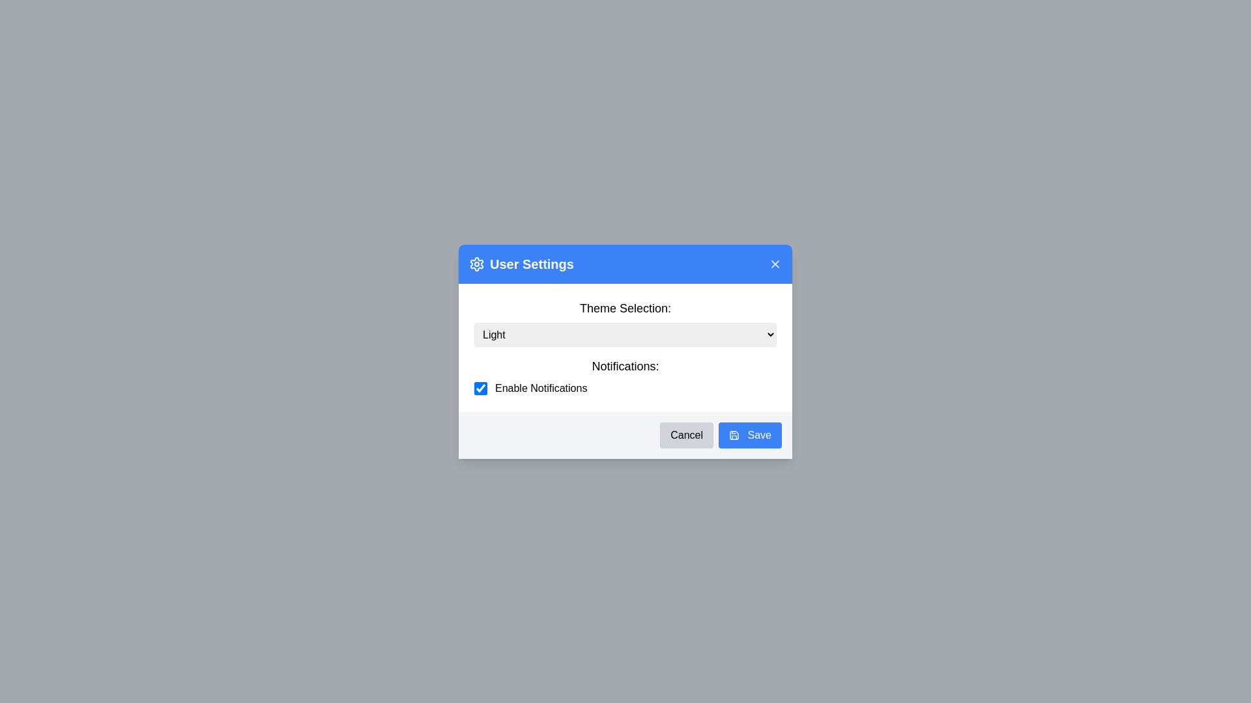 The image size is (1251, 703). What do you see at coordinates (521, 264) in the screenshot?
I see `the 'User Settings' heading text with the gear icon located in the blue header bar of the modal` at bounding box center [521, 264].